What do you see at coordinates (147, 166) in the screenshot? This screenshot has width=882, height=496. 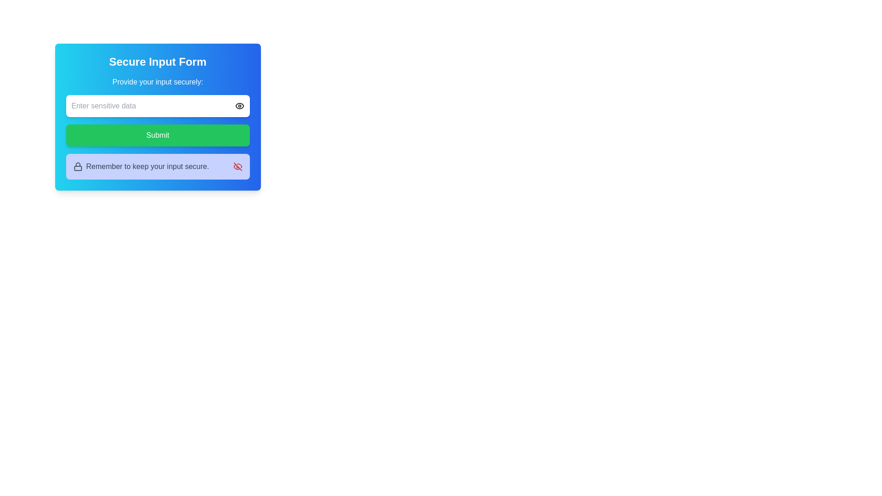 I see `the text element displaying the message 'Remember to keep your input secure,' which is styled with a light blue background and dark gray font, located below the green 'Submit' button and between a lock icon and a red interactive icon` at bounding box center [147, 166].